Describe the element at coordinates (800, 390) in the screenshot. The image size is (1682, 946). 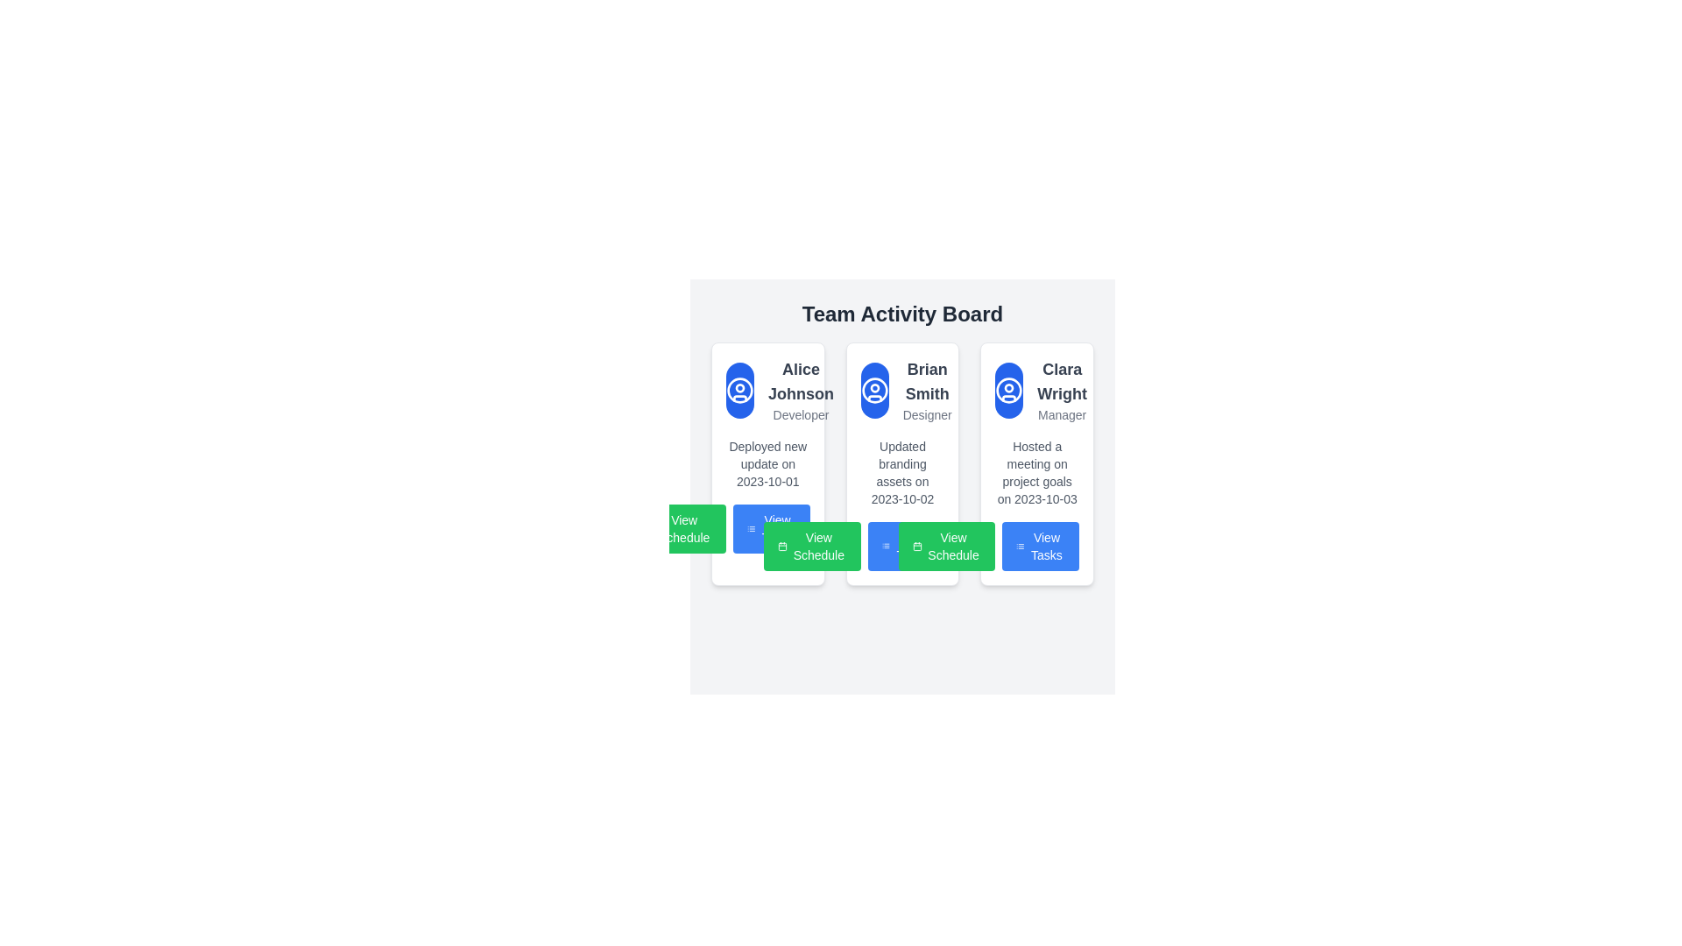
I see `the text block displaying 'Alice Johnson' and 'Developer' located in the first card to the right of the blue circular icon` at that location.